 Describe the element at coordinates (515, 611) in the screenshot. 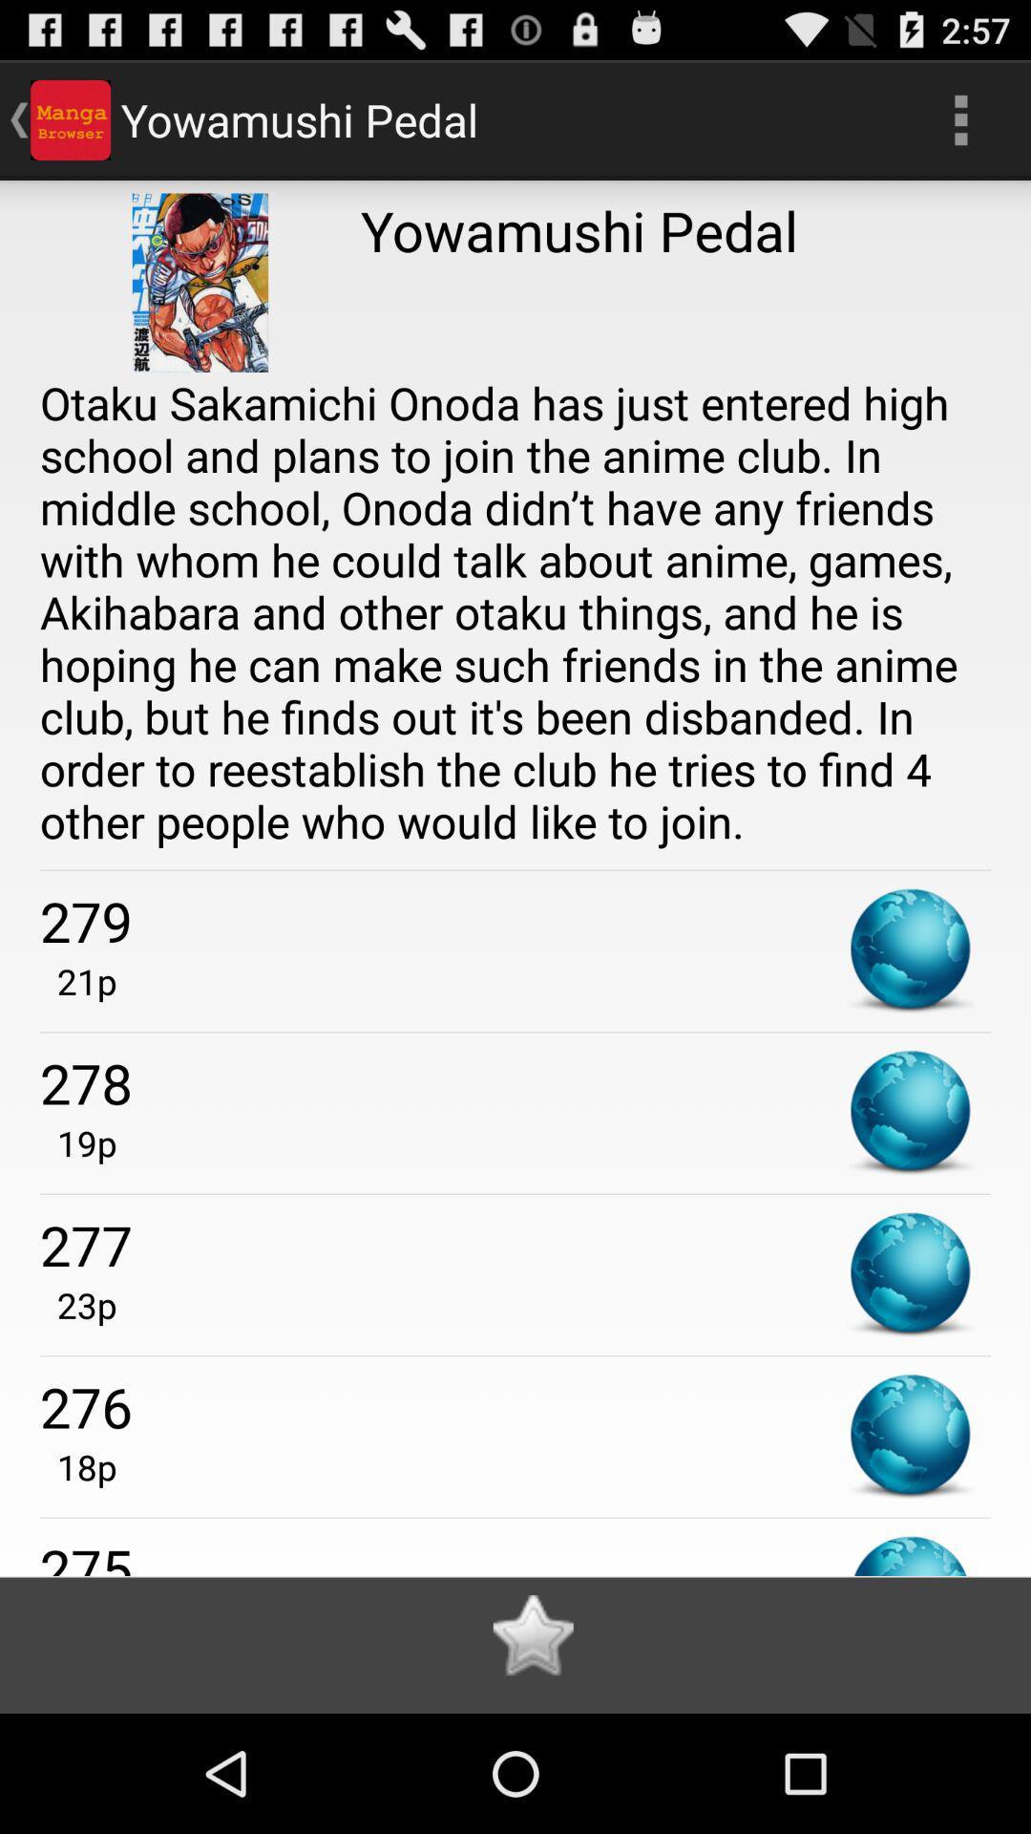

I see `the app above the 279 icon` at that location.